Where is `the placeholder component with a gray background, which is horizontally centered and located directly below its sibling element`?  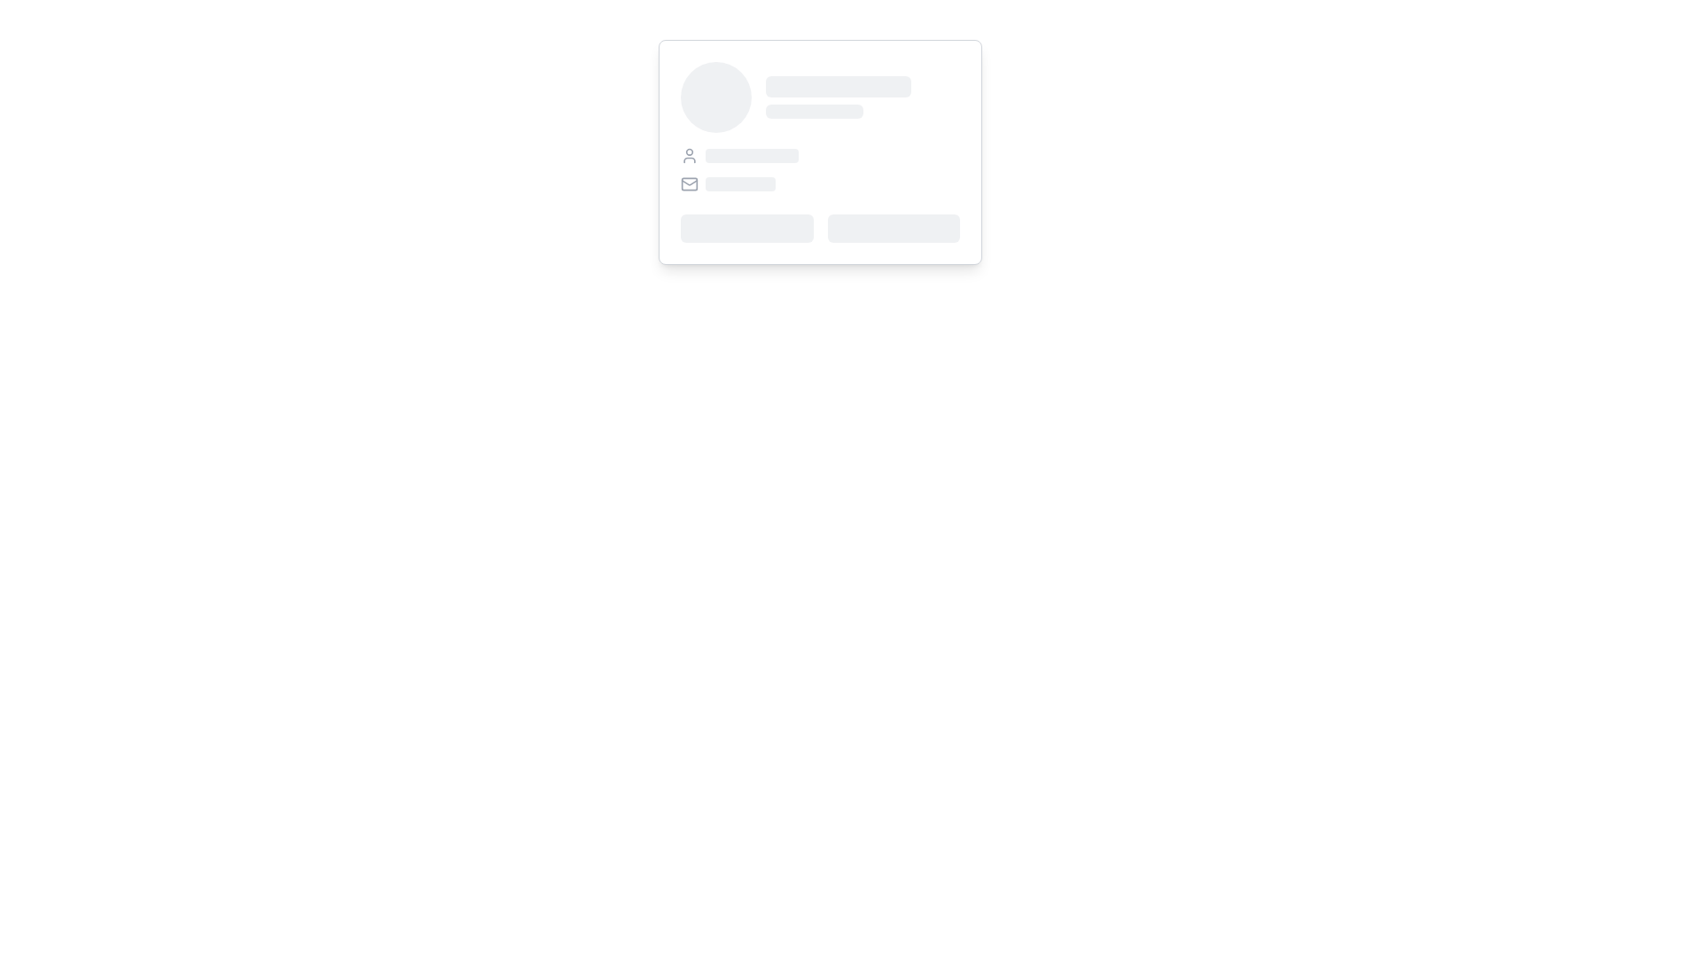
the placeholder component with a gray background, which is horizontally centered and located directly below its sibling element is located at coordinates (813, 112).